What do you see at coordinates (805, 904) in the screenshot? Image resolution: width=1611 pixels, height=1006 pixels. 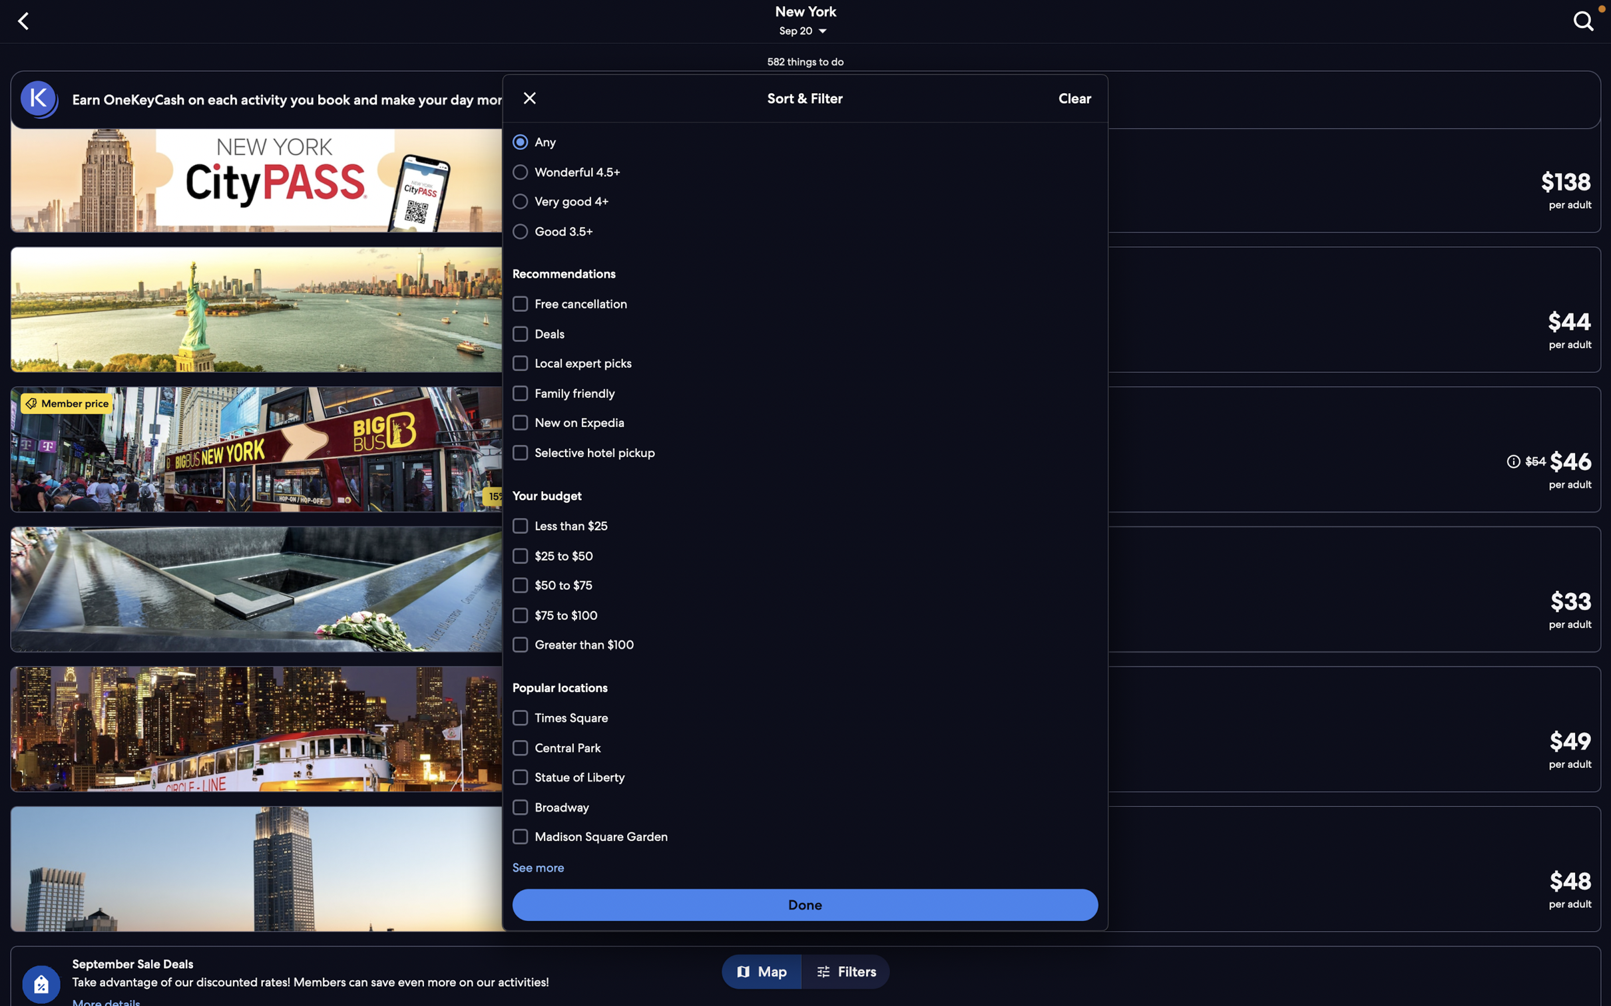 I see `the button to organize and choose accordingly` at bounding box center [805, 904].